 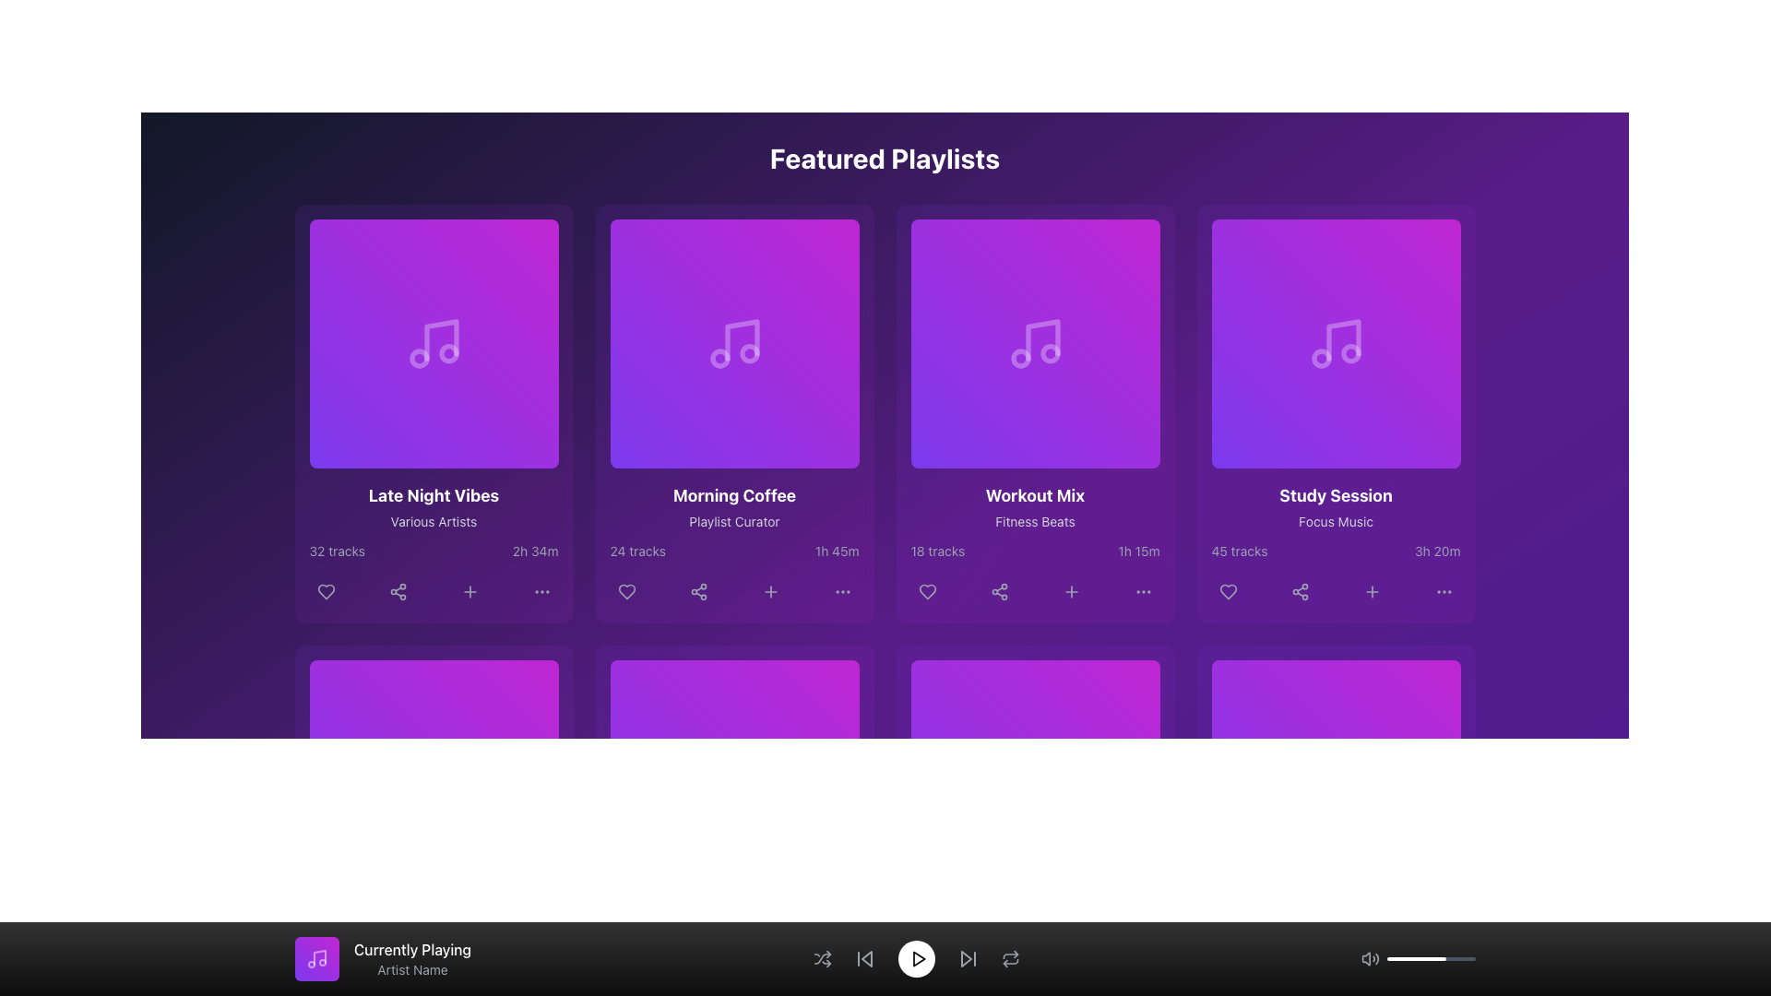 I want to click on the heart icon located in the action menu of the 'Workout Mix' playlist card to change its color, so click(x=927, y=591).